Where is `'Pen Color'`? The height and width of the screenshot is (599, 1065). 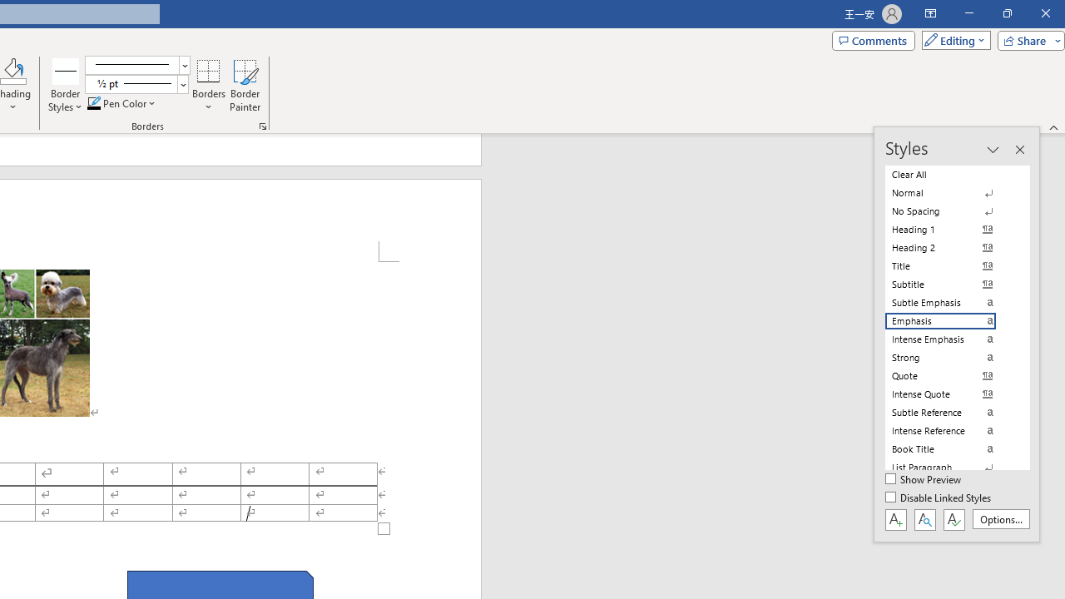 'Pen Color' is located at coordinates (121, 103).